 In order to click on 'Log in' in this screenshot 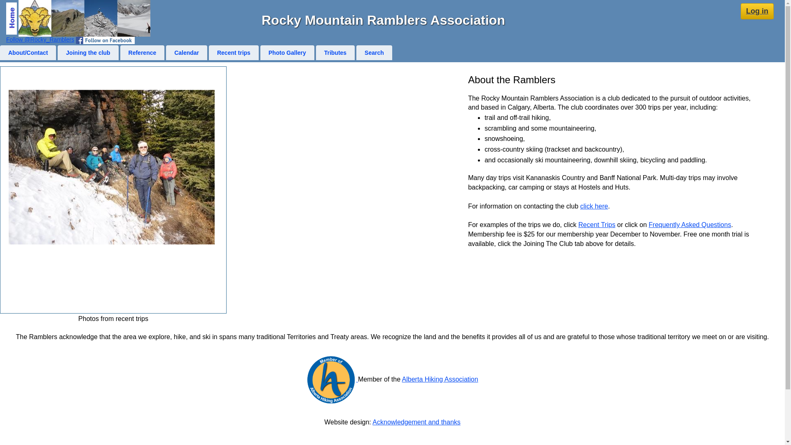, I will do `click(757, 11)`.